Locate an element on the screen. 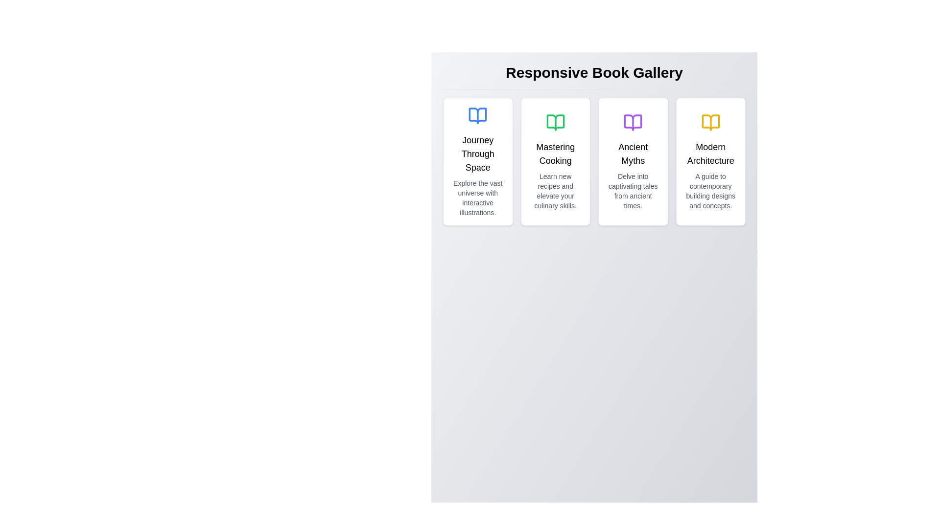  description of the book entry for 'Modern Architecture', which is the fourth item in a horizontal grid of book previews located at the top right part of the layout is located at coordinates (710, 161).